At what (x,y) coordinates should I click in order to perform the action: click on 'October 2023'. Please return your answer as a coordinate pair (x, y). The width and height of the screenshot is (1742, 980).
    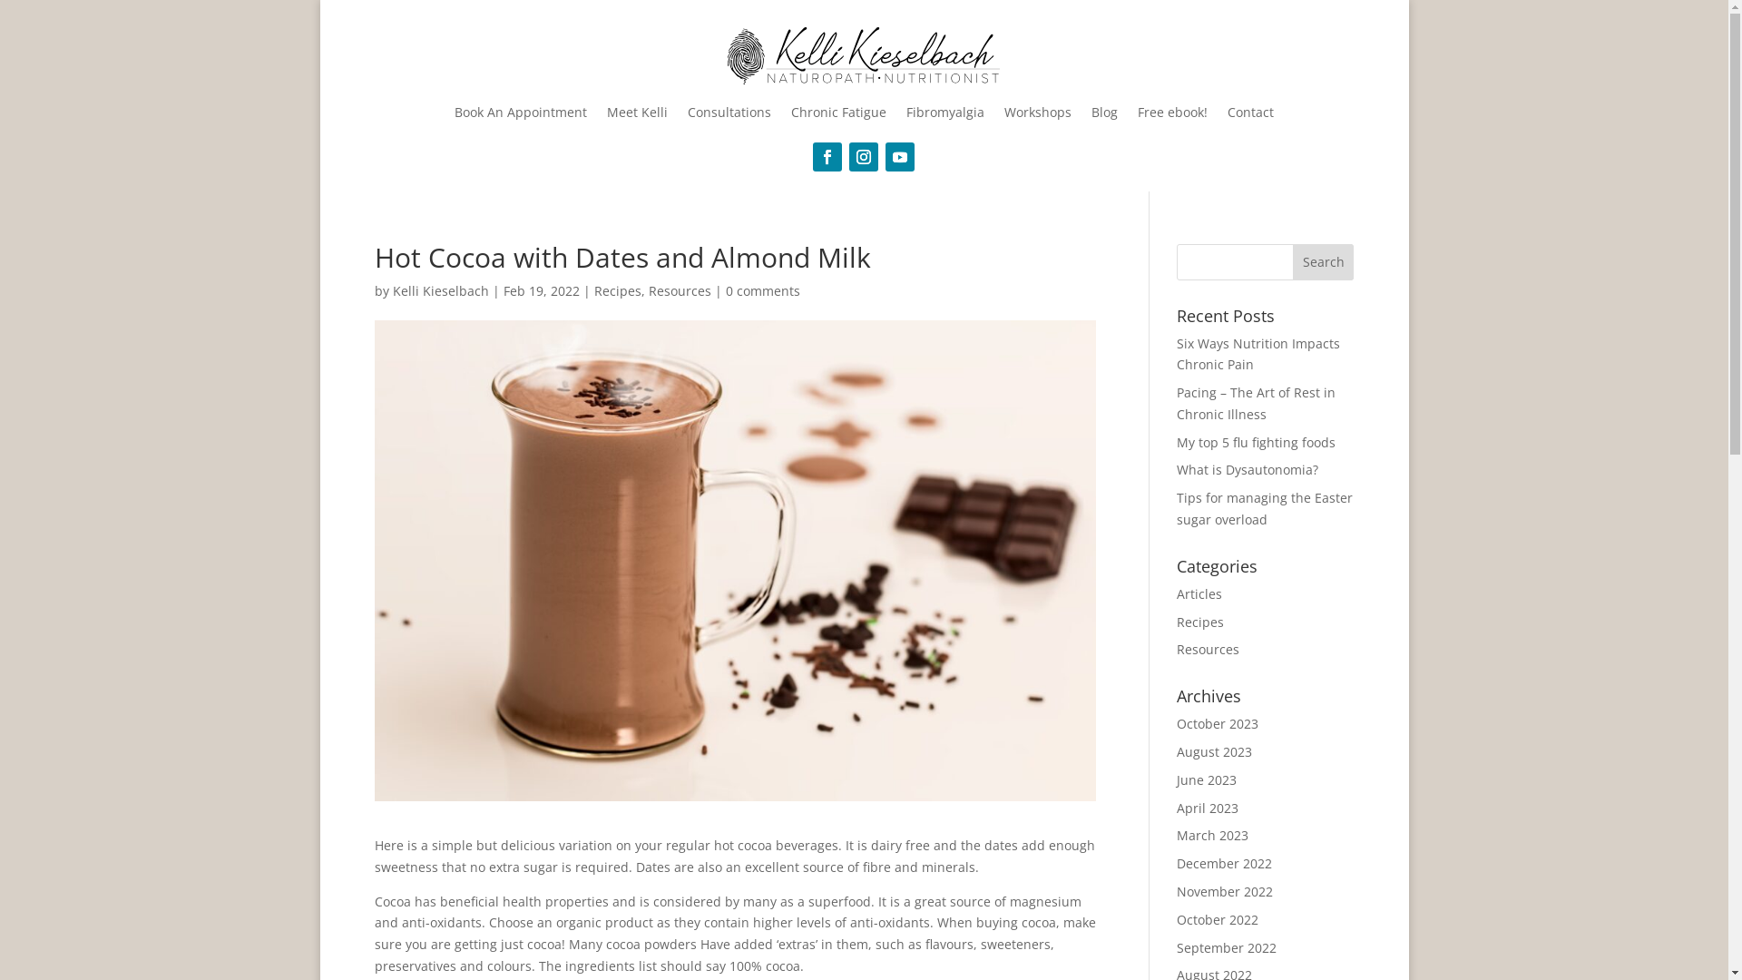
    Looking at the image, I should click on (1218, 722).